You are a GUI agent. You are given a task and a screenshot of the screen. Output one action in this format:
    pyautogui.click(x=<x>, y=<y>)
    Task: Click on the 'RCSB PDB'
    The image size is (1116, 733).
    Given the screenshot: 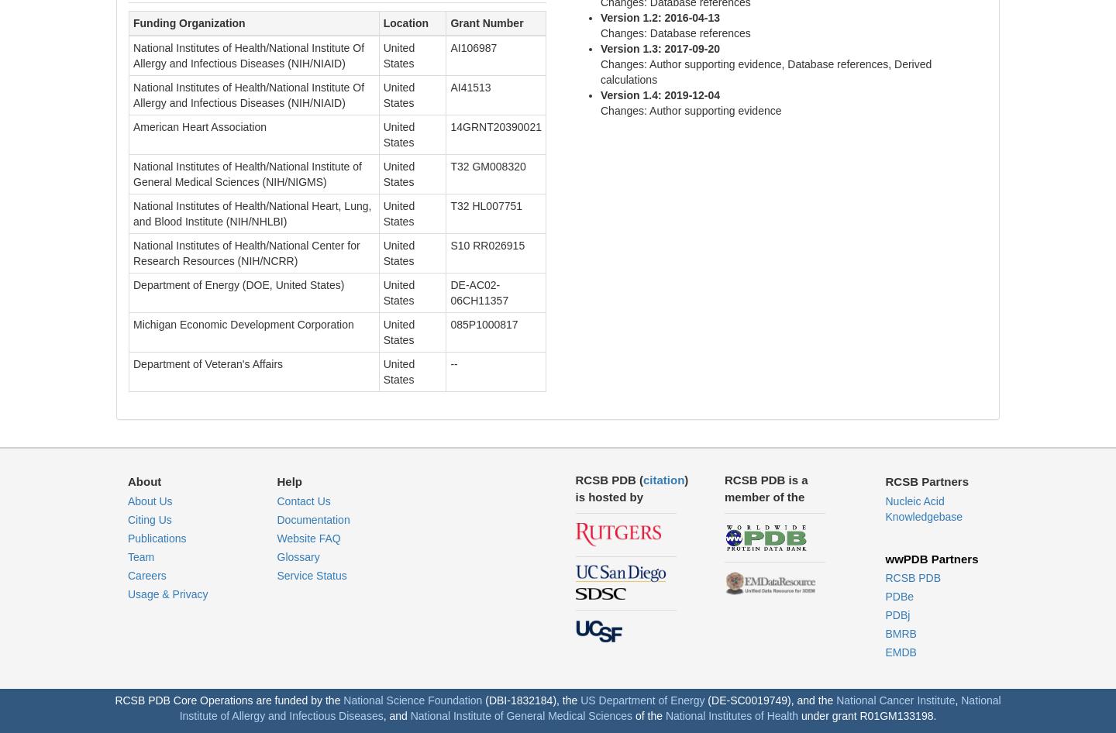 What is the action you would take?
    pyautogui.click(x=913, y=577)
    